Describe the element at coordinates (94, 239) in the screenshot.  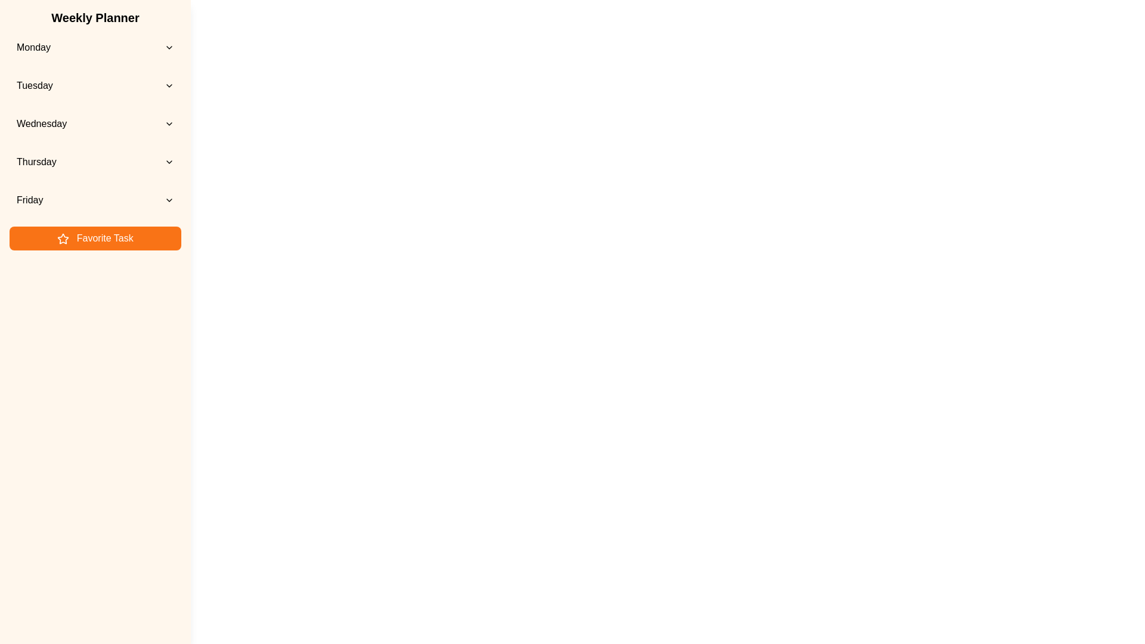
I see `the 'Favorite Task' button to perform its action` at that location.